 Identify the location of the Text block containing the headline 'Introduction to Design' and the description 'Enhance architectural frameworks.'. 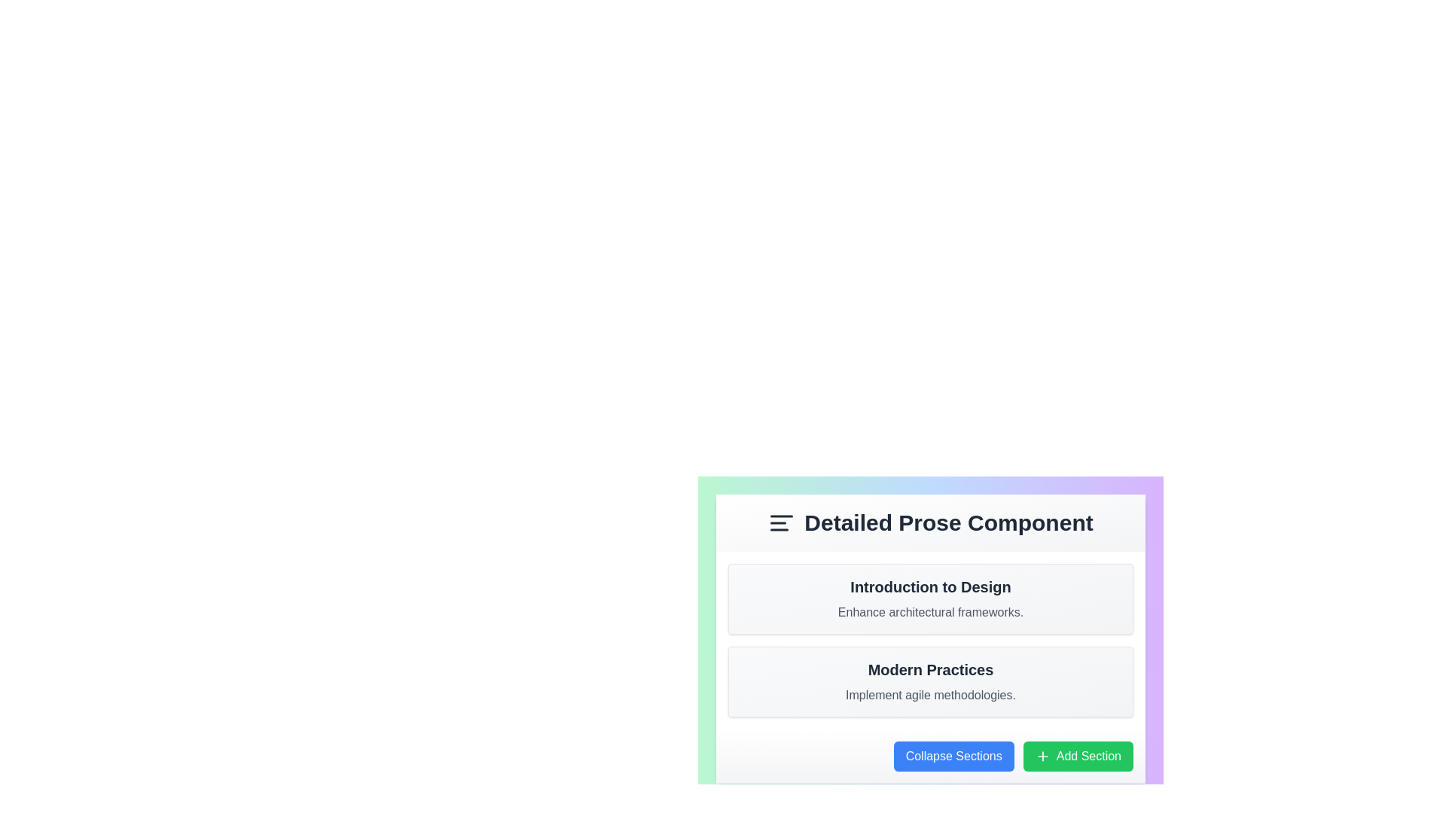
(930, 621).